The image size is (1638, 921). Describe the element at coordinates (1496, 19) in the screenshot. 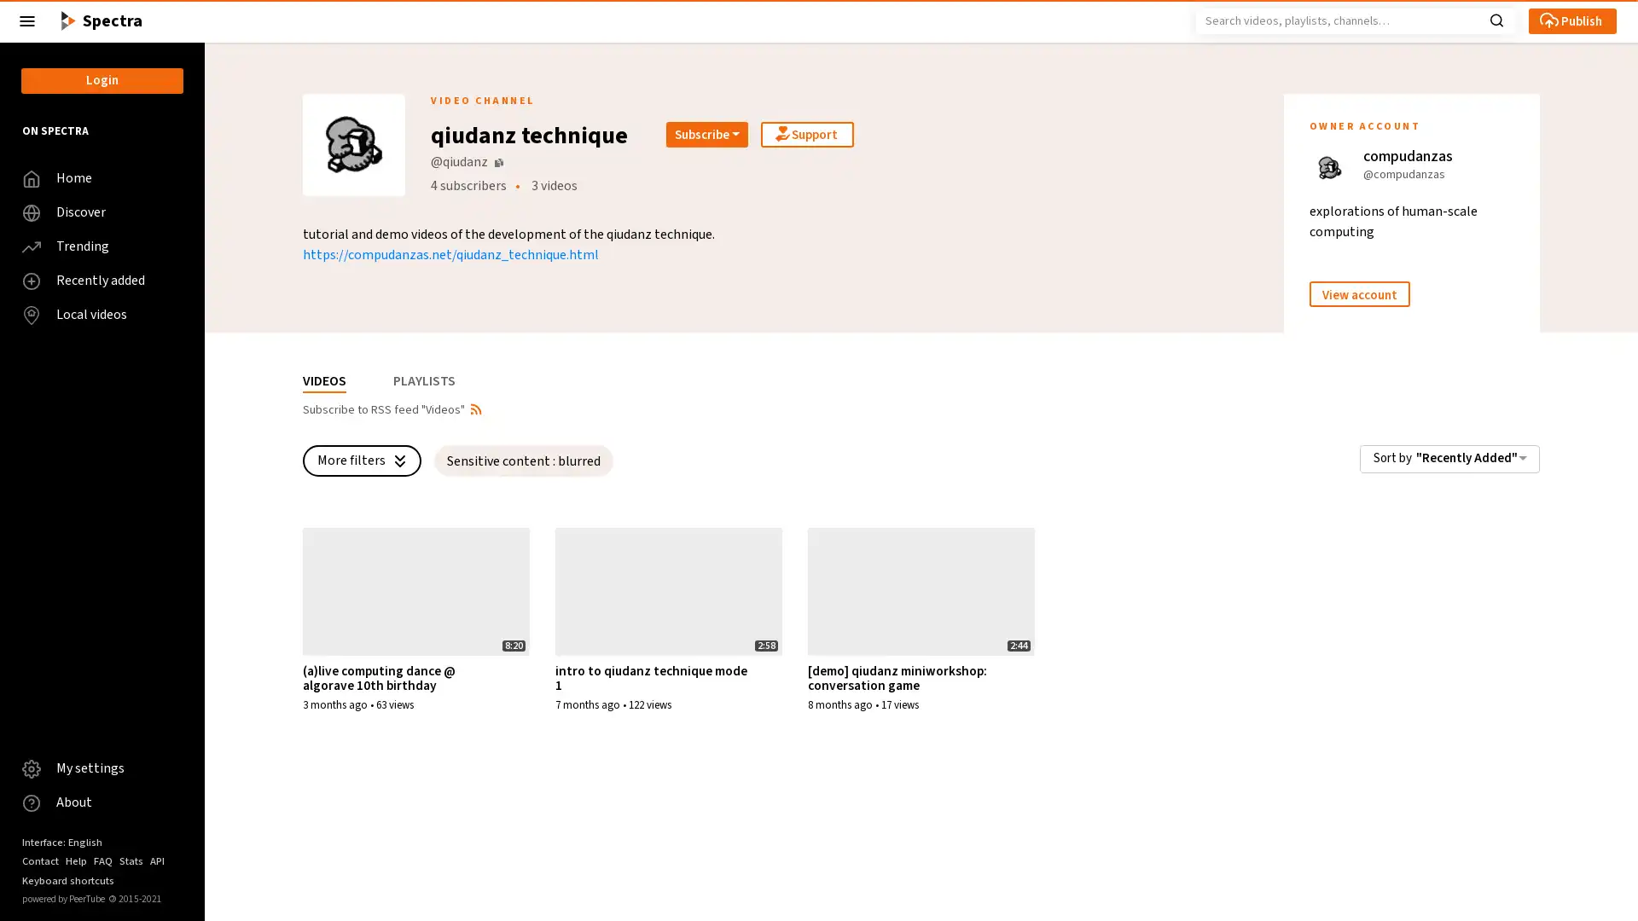

I see `Search` at that location.